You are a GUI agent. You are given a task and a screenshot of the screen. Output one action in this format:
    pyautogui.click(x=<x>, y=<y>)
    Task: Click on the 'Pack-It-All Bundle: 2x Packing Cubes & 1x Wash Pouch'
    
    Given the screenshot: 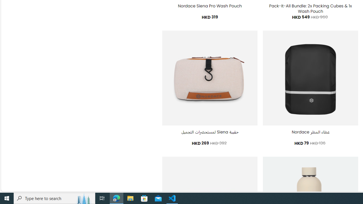 What is the action you would take?
    pyautogui.click(x=310, y=8)
    